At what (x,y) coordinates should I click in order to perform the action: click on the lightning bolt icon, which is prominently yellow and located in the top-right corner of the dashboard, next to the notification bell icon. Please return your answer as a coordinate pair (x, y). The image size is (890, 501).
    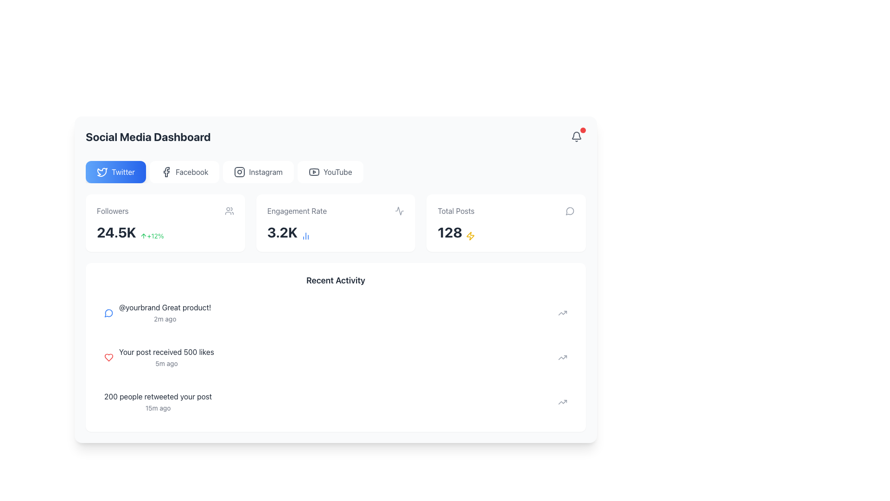
    Looking at the image, I should click on (470, 236).